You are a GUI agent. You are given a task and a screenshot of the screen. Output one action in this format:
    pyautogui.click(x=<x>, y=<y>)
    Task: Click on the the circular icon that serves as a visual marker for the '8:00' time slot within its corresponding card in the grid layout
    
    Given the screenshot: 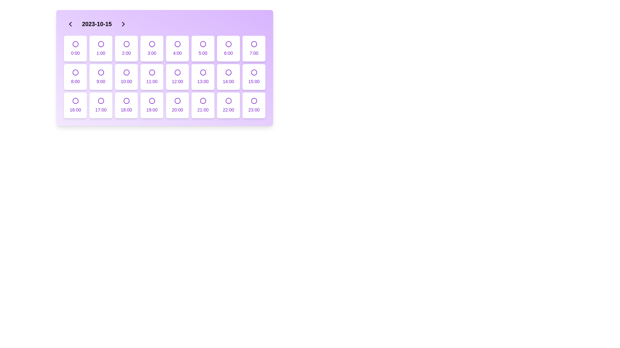 What is the action you would take?
    pyautogui.click(x=75, y=72)
    